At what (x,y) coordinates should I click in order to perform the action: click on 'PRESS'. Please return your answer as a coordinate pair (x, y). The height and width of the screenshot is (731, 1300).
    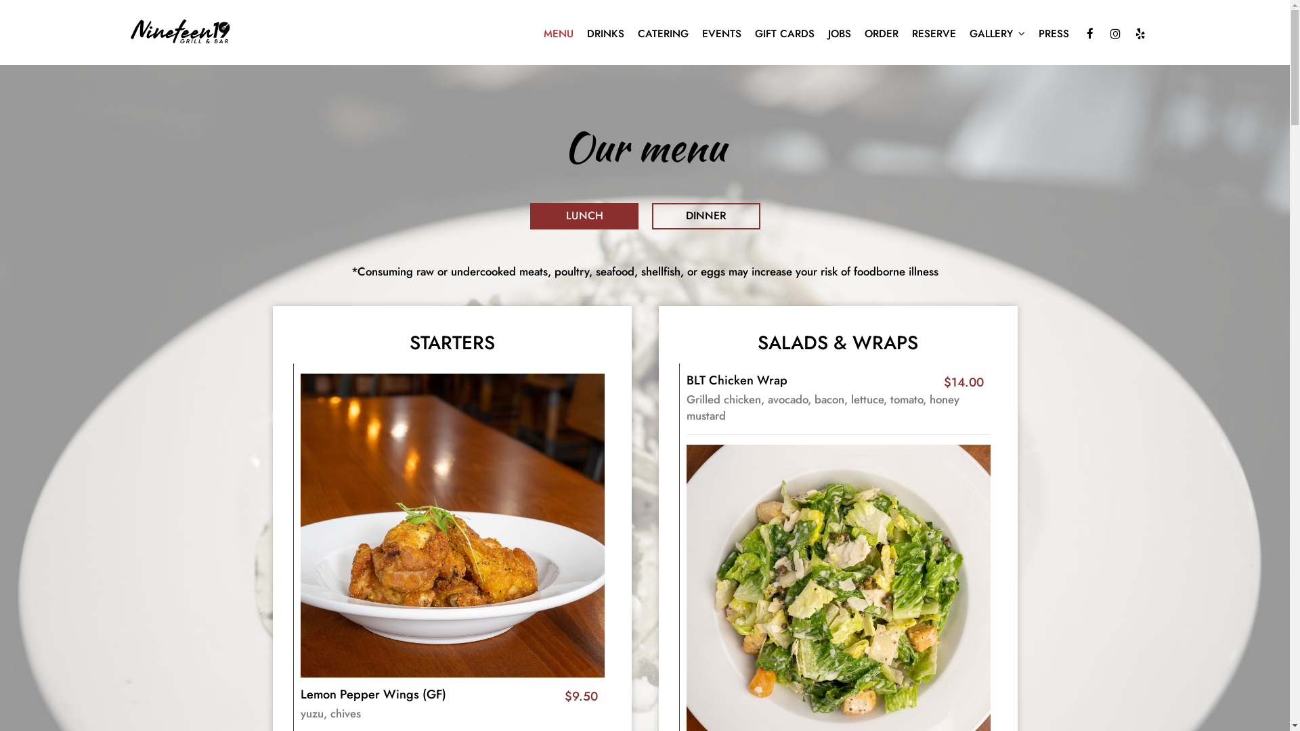
    Looking at the image, I should click on (1031, 33).